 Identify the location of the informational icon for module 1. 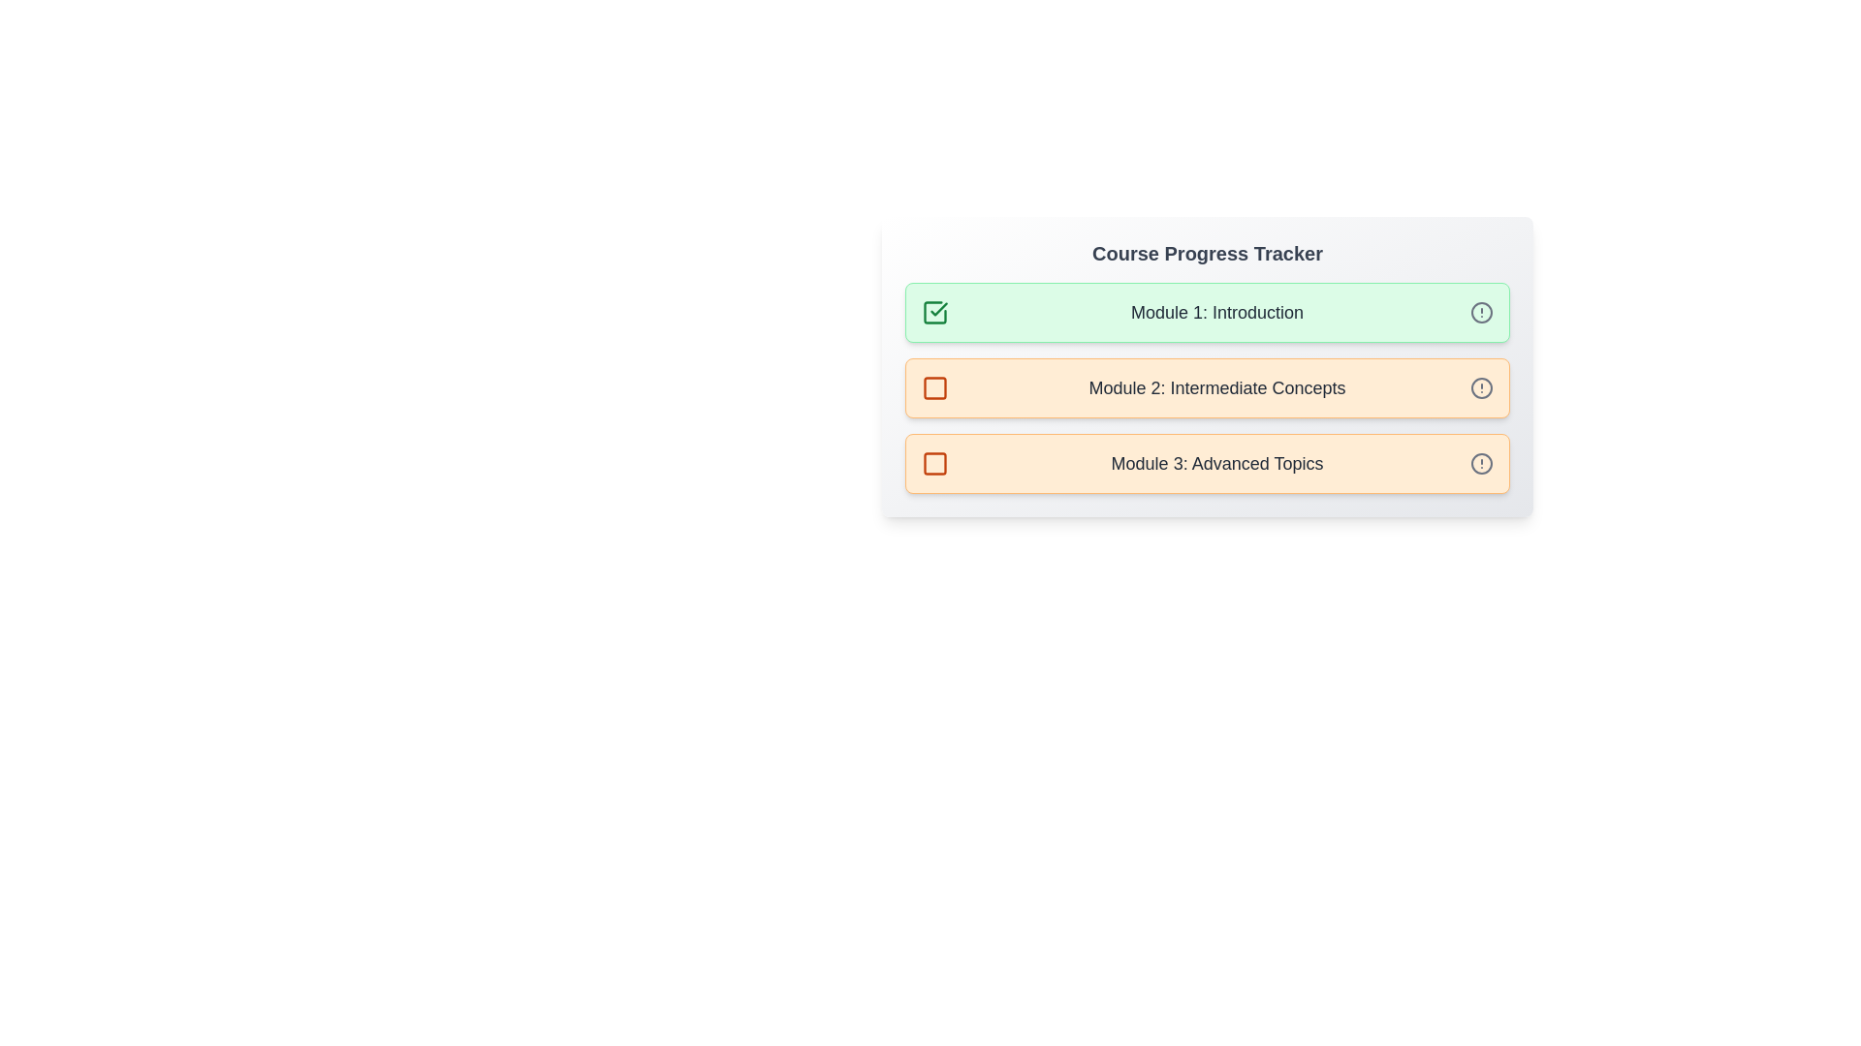
(1481, 312).